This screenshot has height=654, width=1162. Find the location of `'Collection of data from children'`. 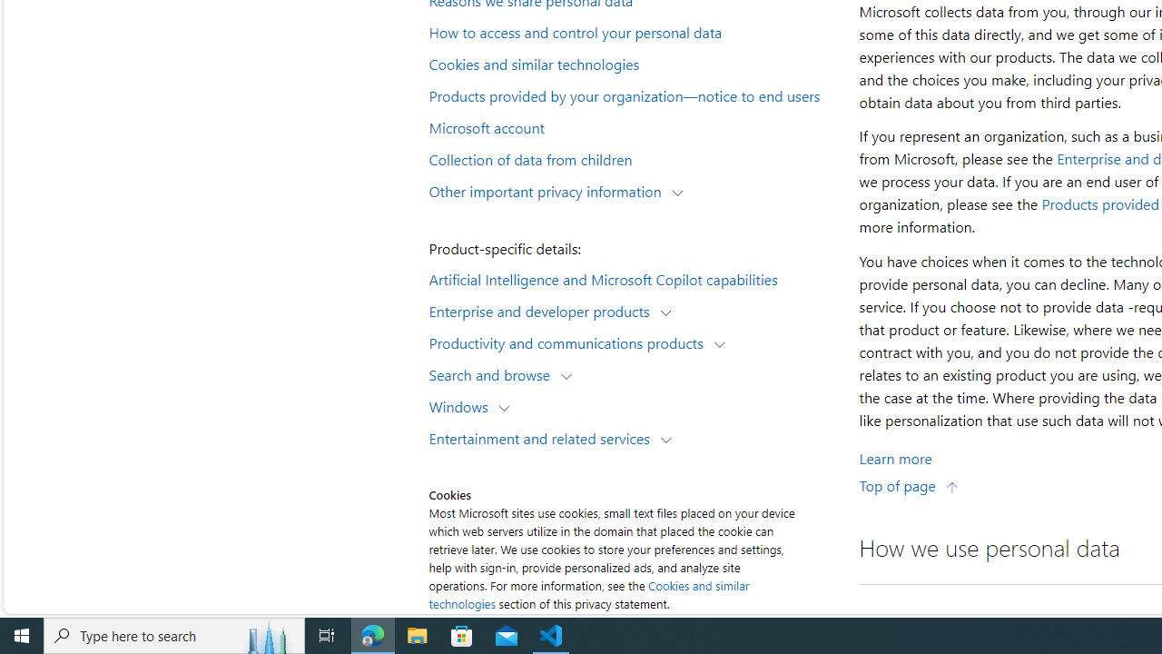

'Collection of data from children' is located at coordinates (632, 157).